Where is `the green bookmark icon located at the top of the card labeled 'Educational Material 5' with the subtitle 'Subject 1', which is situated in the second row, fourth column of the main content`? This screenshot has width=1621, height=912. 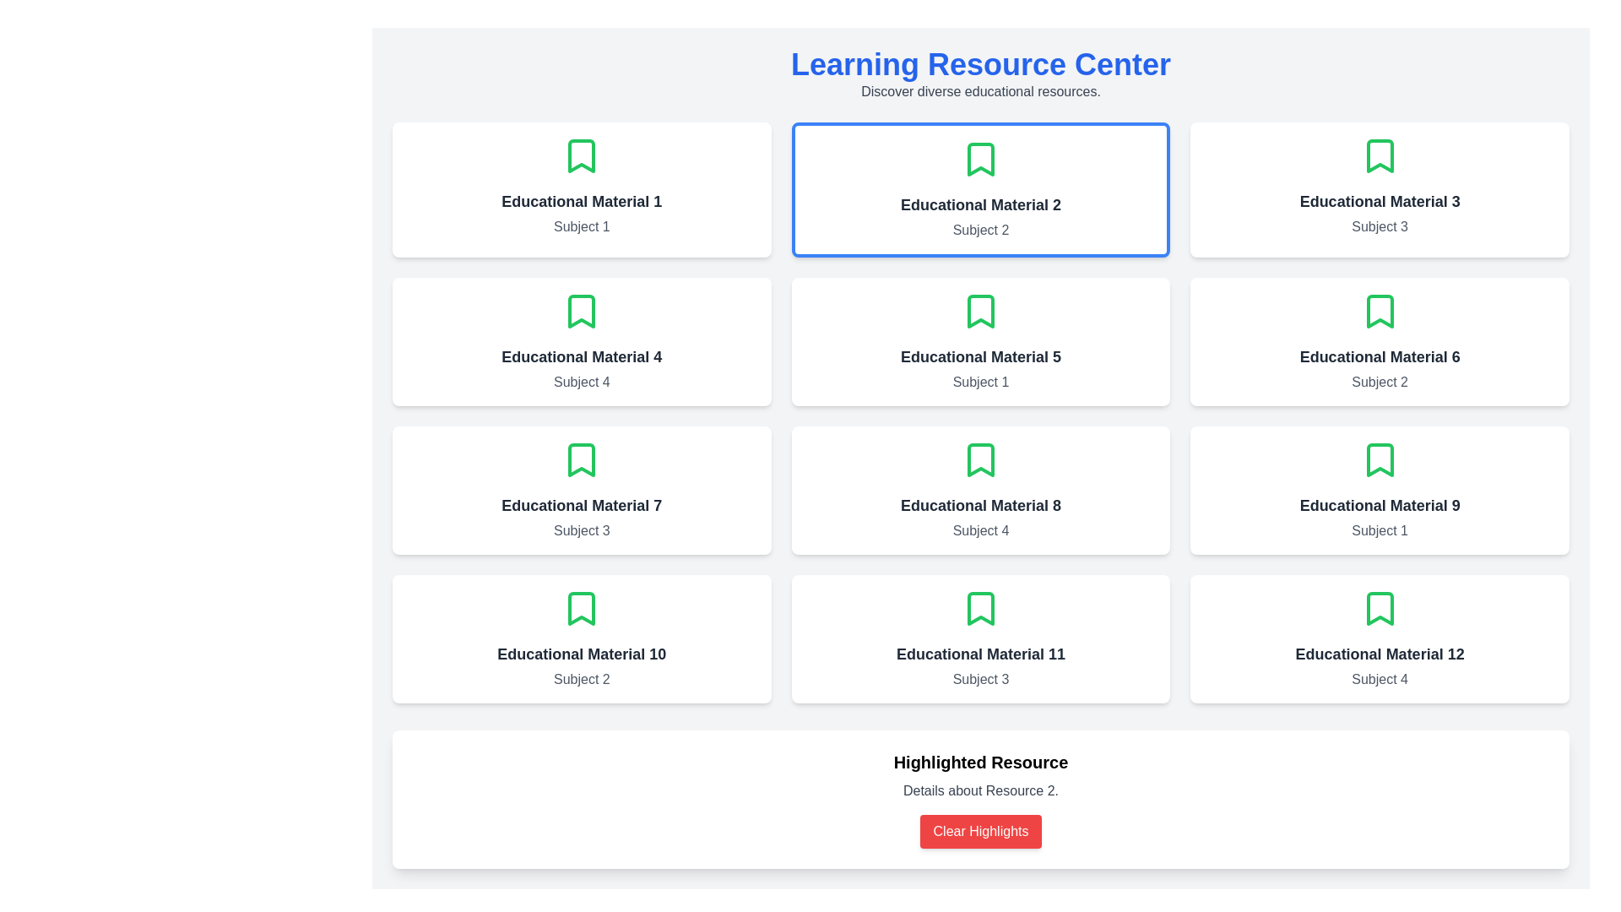 the green bookmark icon located at the top of the card labeled 'Educational Material 5' with the subtitle 'Subject 1', which is situated in the second row, fourth column of the main content is located at coordinates (980, 312).